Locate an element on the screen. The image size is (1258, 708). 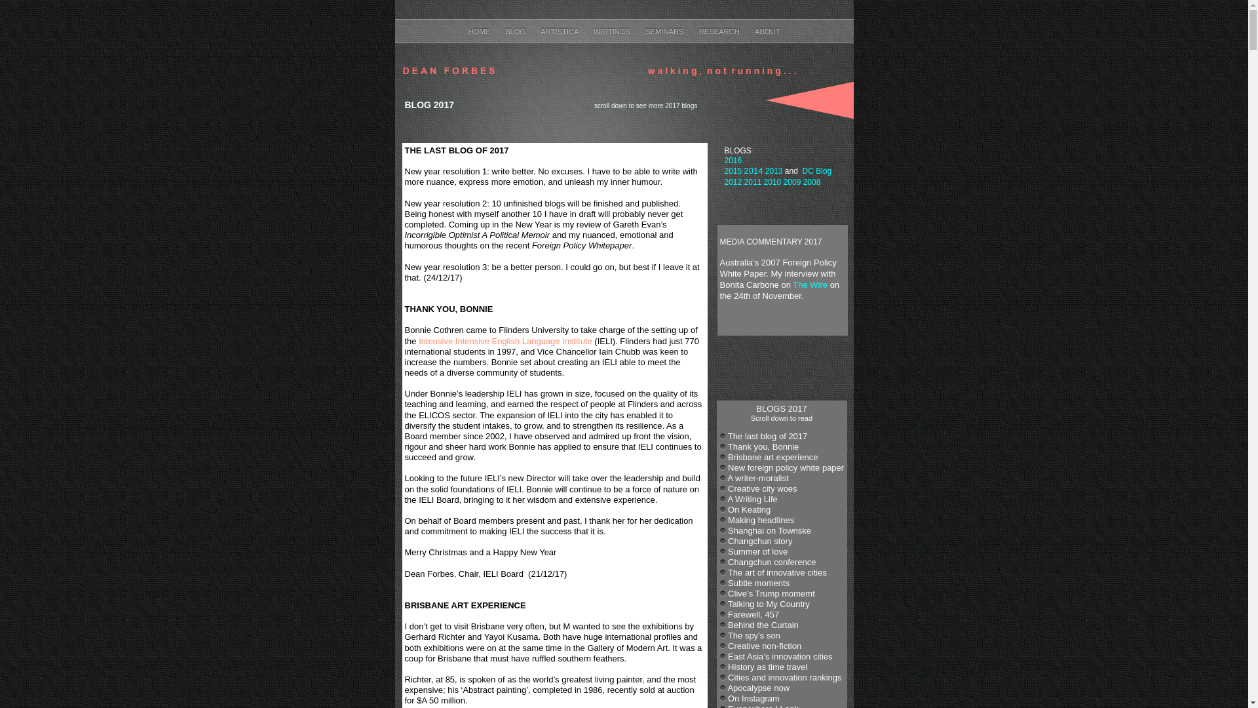
'2009' is located at coordinates (783, 182).